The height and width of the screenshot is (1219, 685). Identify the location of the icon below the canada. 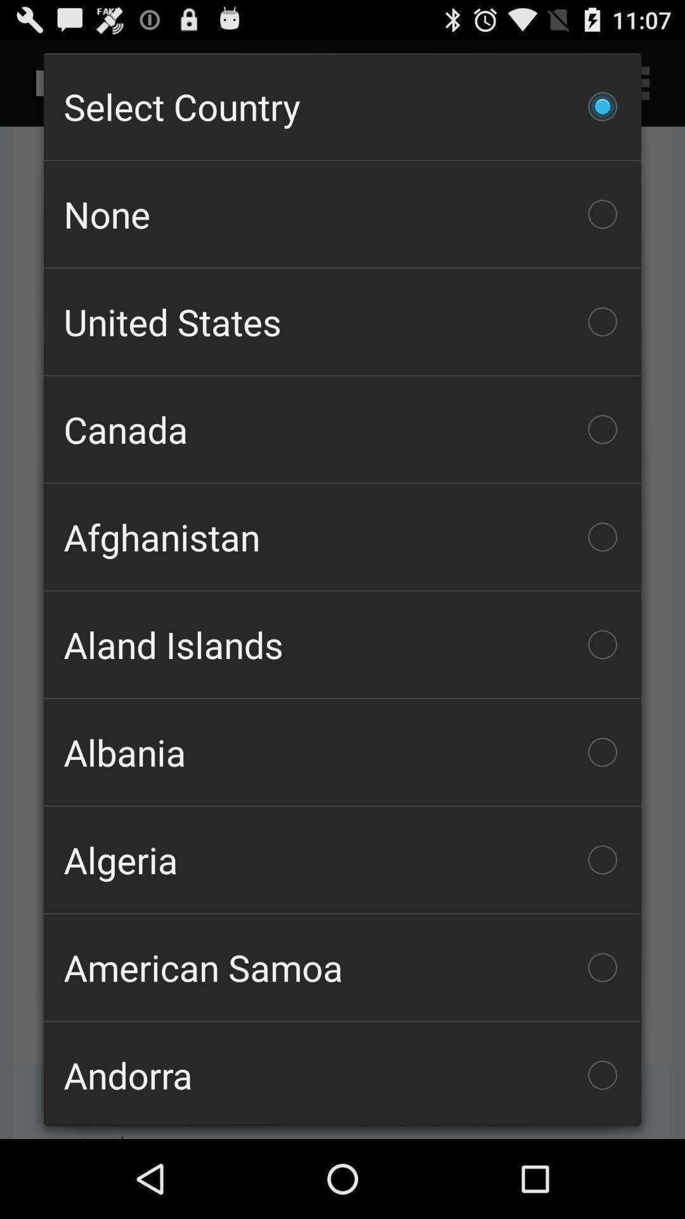
(342, 536).